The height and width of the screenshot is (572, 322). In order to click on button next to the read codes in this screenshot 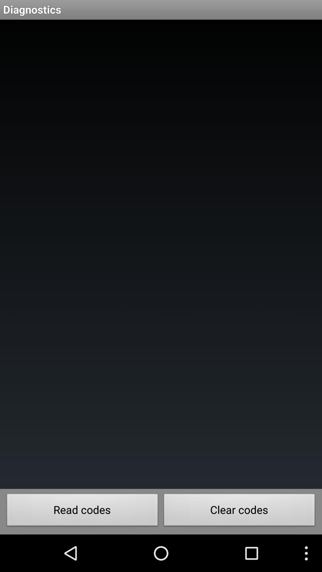, I will do `click(239, 511)`.